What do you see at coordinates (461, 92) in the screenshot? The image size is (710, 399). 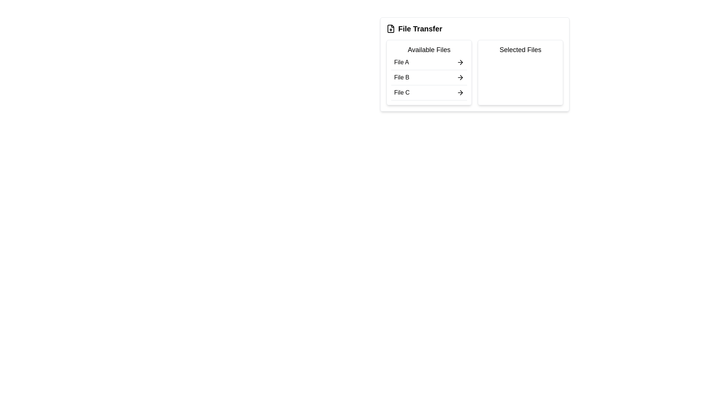 I see `the right-pointing arrow icon within the button for file transfer, which is the third icon aligned with the 'File C' label in the 'Available Files' column` at bounding box center [461, 92].